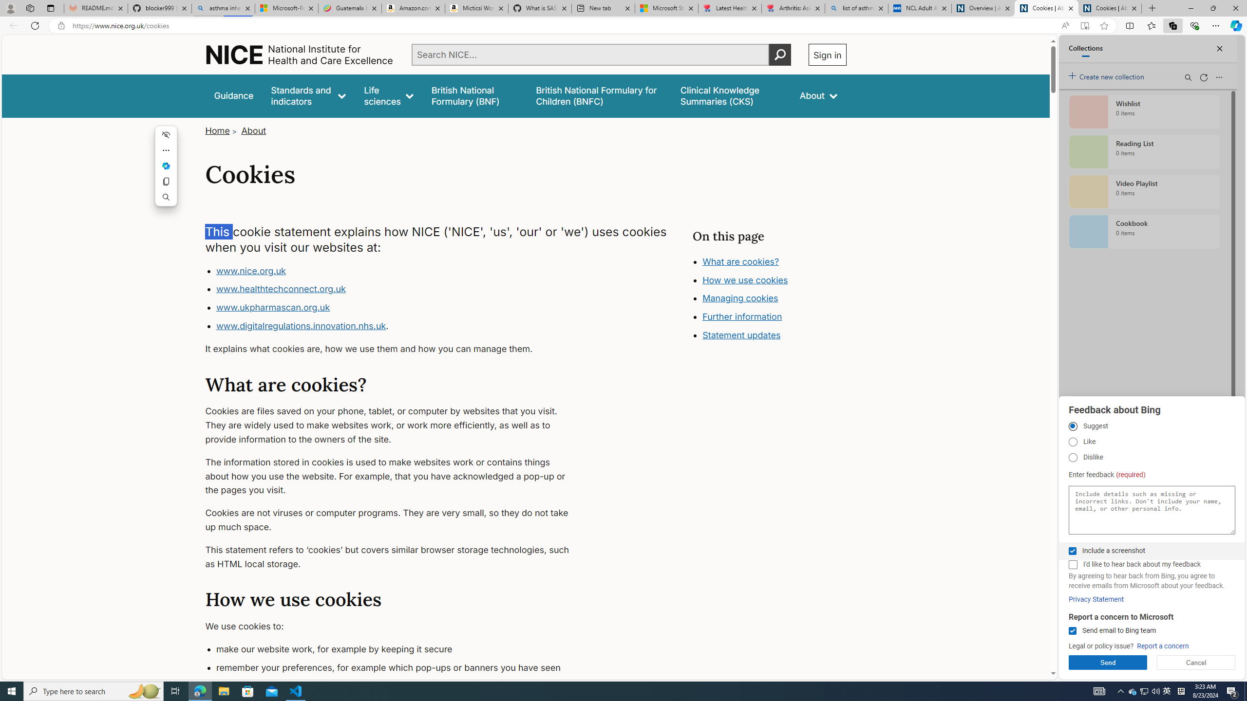 Image resolution: width=1247 pixels, height=701 pixels. What do you see at coordinates (166, 166) in the screenshot?
I see `'Mini menu on text selection'` at bounding box center [166, 166].